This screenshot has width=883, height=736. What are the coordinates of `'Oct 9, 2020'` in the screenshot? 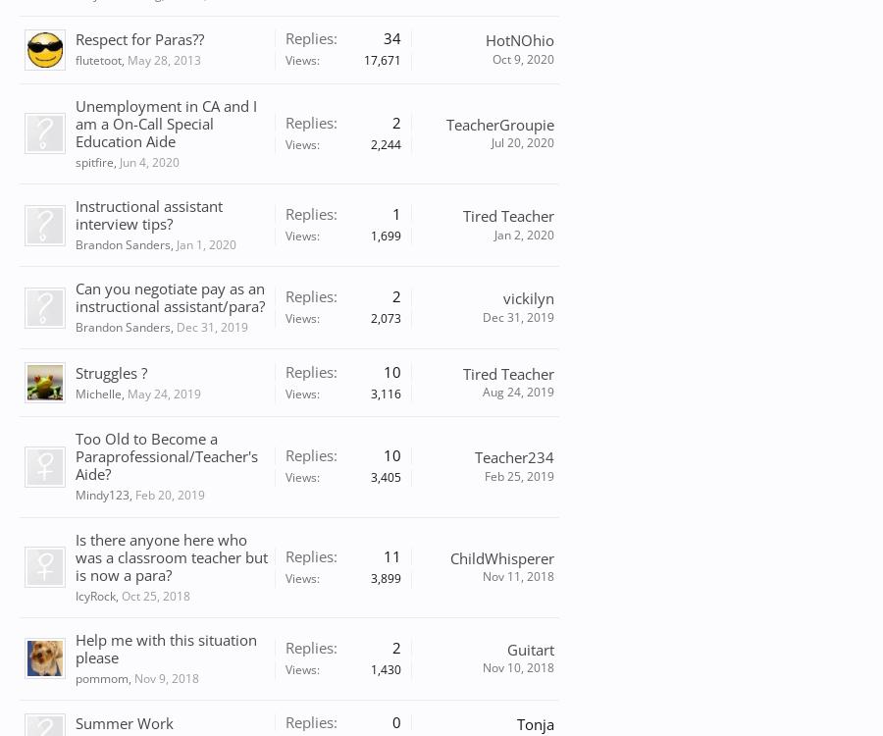 It's located at (522, 58).